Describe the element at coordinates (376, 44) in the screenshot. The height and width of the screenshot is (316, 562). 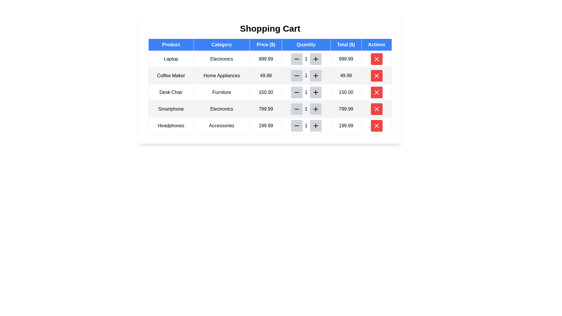
I see `the 'Actions' column header in the table, which is the sixth column header positioned to the right of the 'Total ($)' column` at that location.